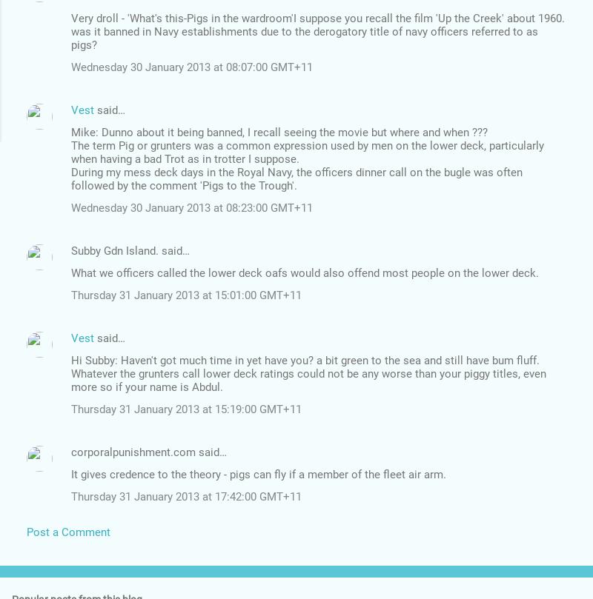 The width and height of the screenshot is (593, 599). Describe the element at coordinates (71, 178) in the screenshot. I see `'During my mess deck days in the Royal Navy, the officers dinner call on the bugle was often followed by the comment 'Pigs to the Trough'.'` at that location.